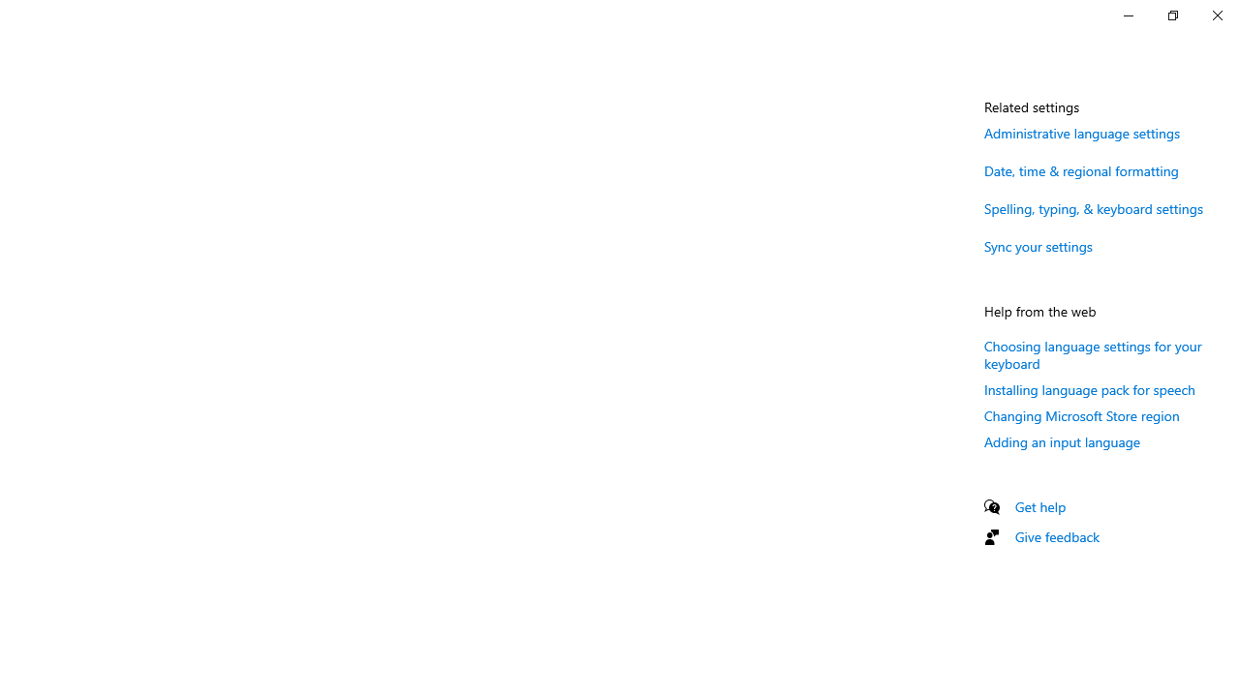  What do you see at coordinates (1128, 15) in the screenshot?
I see `'Minimize Settings'` at bounding box center [1128, 15].